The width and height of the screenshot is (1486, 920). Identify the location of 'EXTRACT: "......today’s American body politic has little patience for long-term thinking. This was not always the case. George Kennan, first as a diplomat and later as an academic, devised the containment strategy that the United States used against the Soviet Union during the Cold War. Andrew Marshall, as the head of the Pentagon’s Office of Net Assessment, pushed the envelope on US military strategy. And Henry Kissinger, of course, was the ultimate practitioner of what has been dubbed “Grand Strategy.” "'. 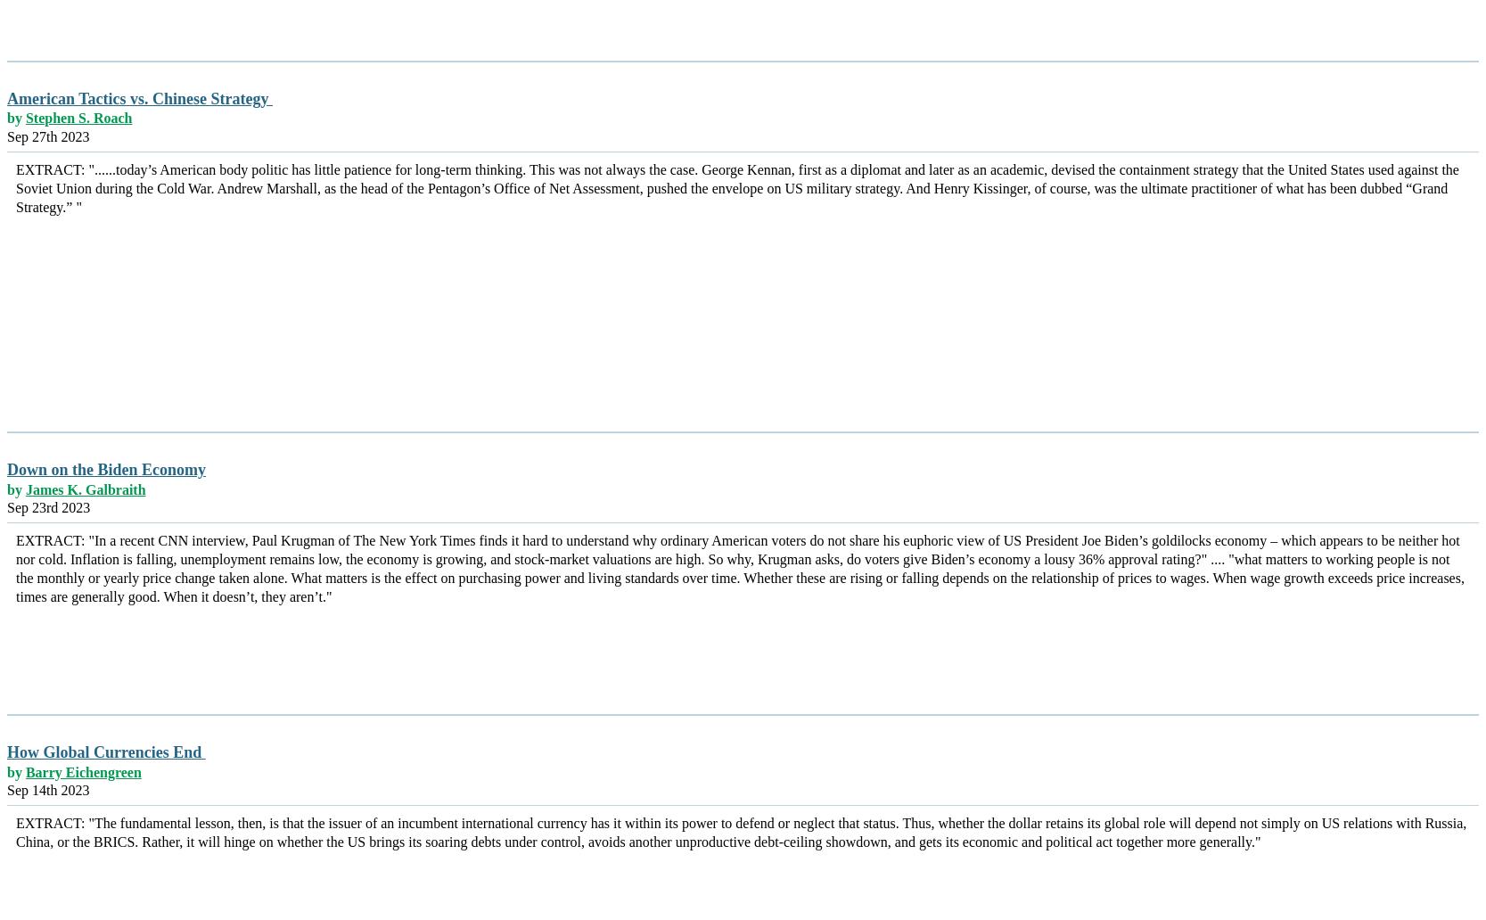
(736, 186).